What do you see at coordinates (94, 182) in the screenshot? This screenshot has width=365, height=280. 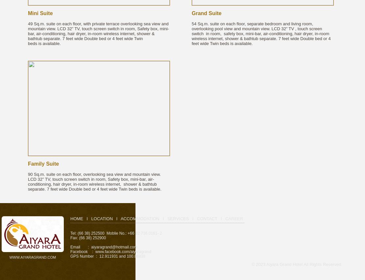 I see `'90 Sq.m. suite on each floor, overlooking sea view and mountain view. LCD 32” TV, touch screen switch in room, Safety box, mini-bar, air-conditioning, hair dryer, in-room wireless internet,  shower & bathtub separate. 7 feet wide Double bed or 4 feet wide Twin beds is available.'` at bounding box center [94, 182].